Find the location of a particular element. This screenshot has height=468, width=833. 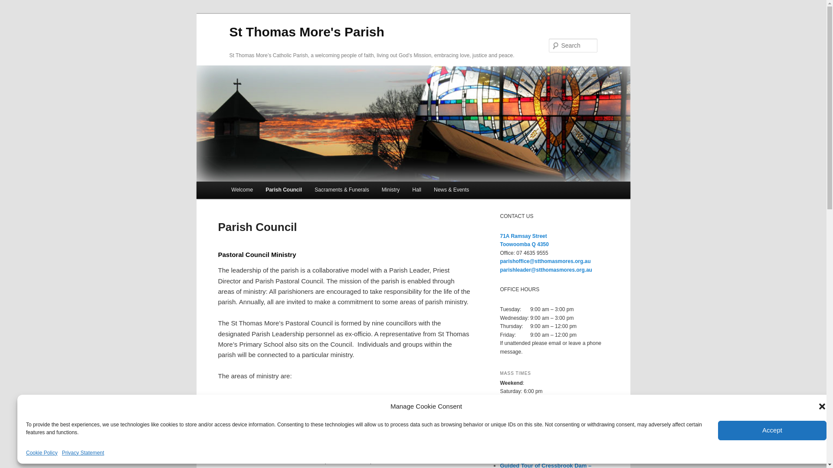

'parishleader@stthomasmores.org.au' is located at coordinates (500, 270).